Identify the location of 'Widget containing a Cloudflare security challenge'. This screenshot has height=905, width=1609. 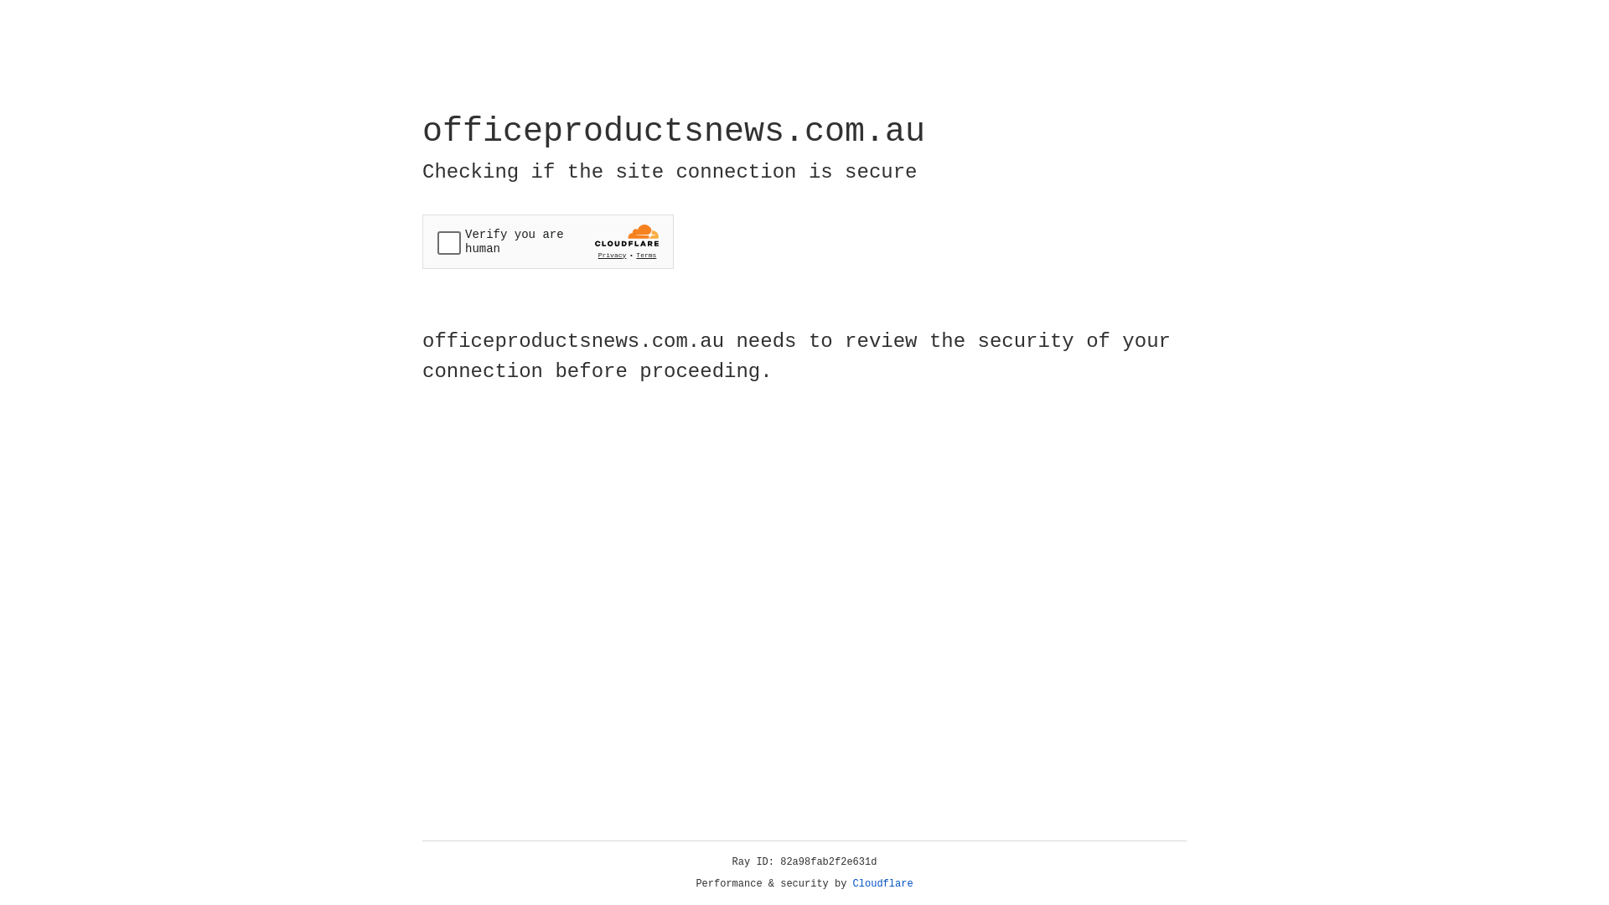
(547, 241).